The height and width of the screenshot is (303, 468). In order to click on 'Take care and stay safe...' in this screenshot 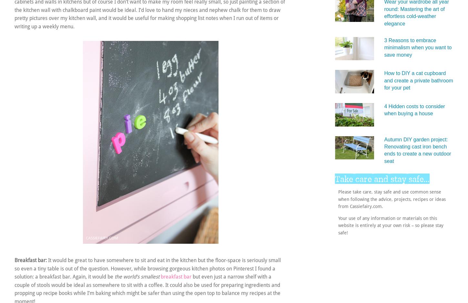, I will do `click(335, 179)`.